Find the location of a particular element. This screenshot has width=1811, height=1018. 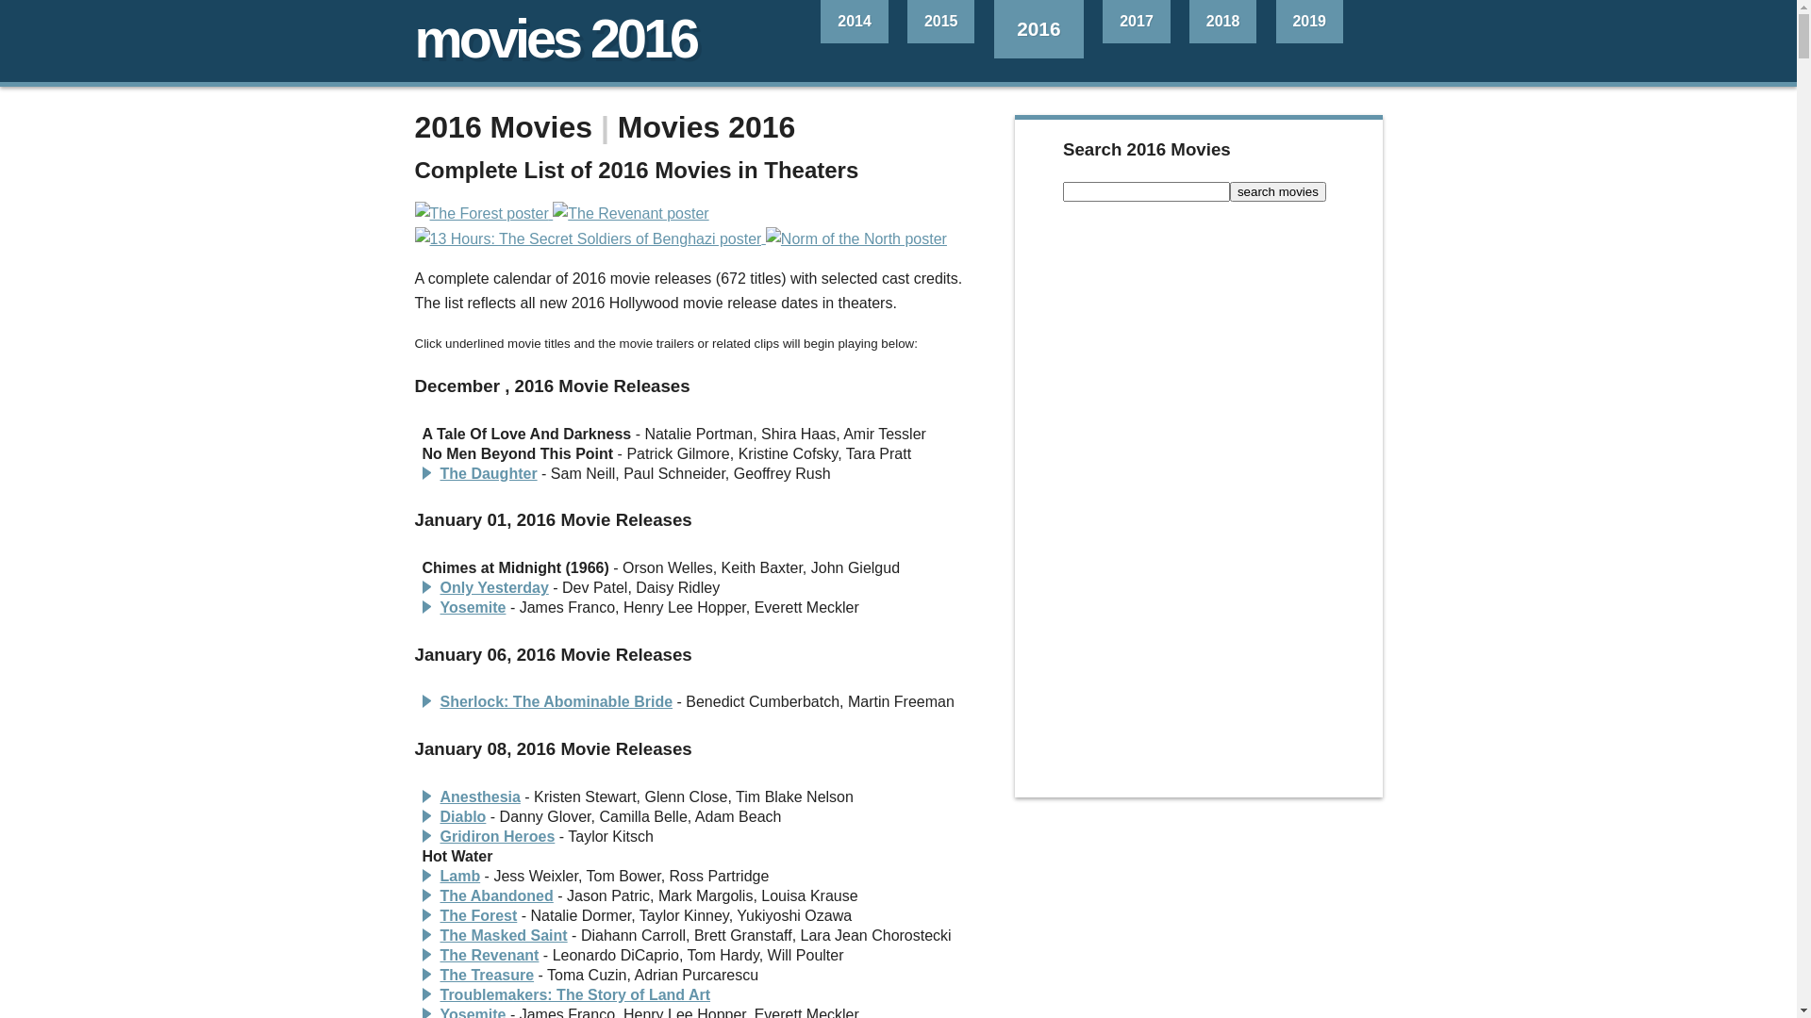

'2016' is located at coordinates (1038, 28).